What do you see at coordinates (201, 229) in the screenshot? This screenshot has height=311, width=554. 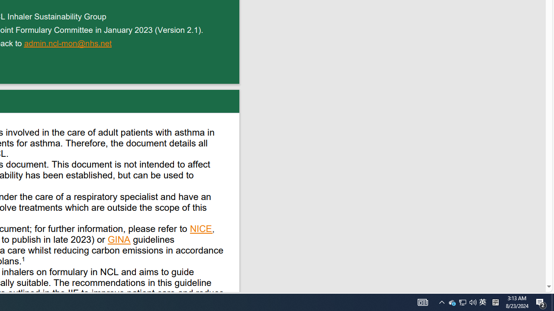 I see `'NICE'` at bounding box center [201, 229].